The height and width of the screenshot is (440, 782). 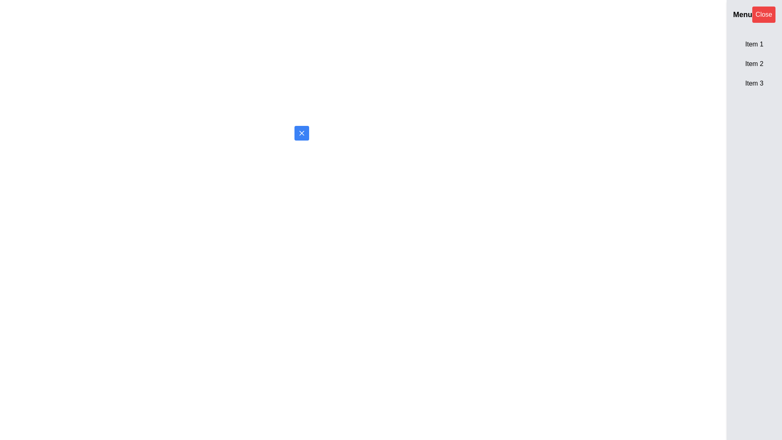 I want to click on the rounded blue button with a white 'X' icon in the center, so click(x=301, y=133).